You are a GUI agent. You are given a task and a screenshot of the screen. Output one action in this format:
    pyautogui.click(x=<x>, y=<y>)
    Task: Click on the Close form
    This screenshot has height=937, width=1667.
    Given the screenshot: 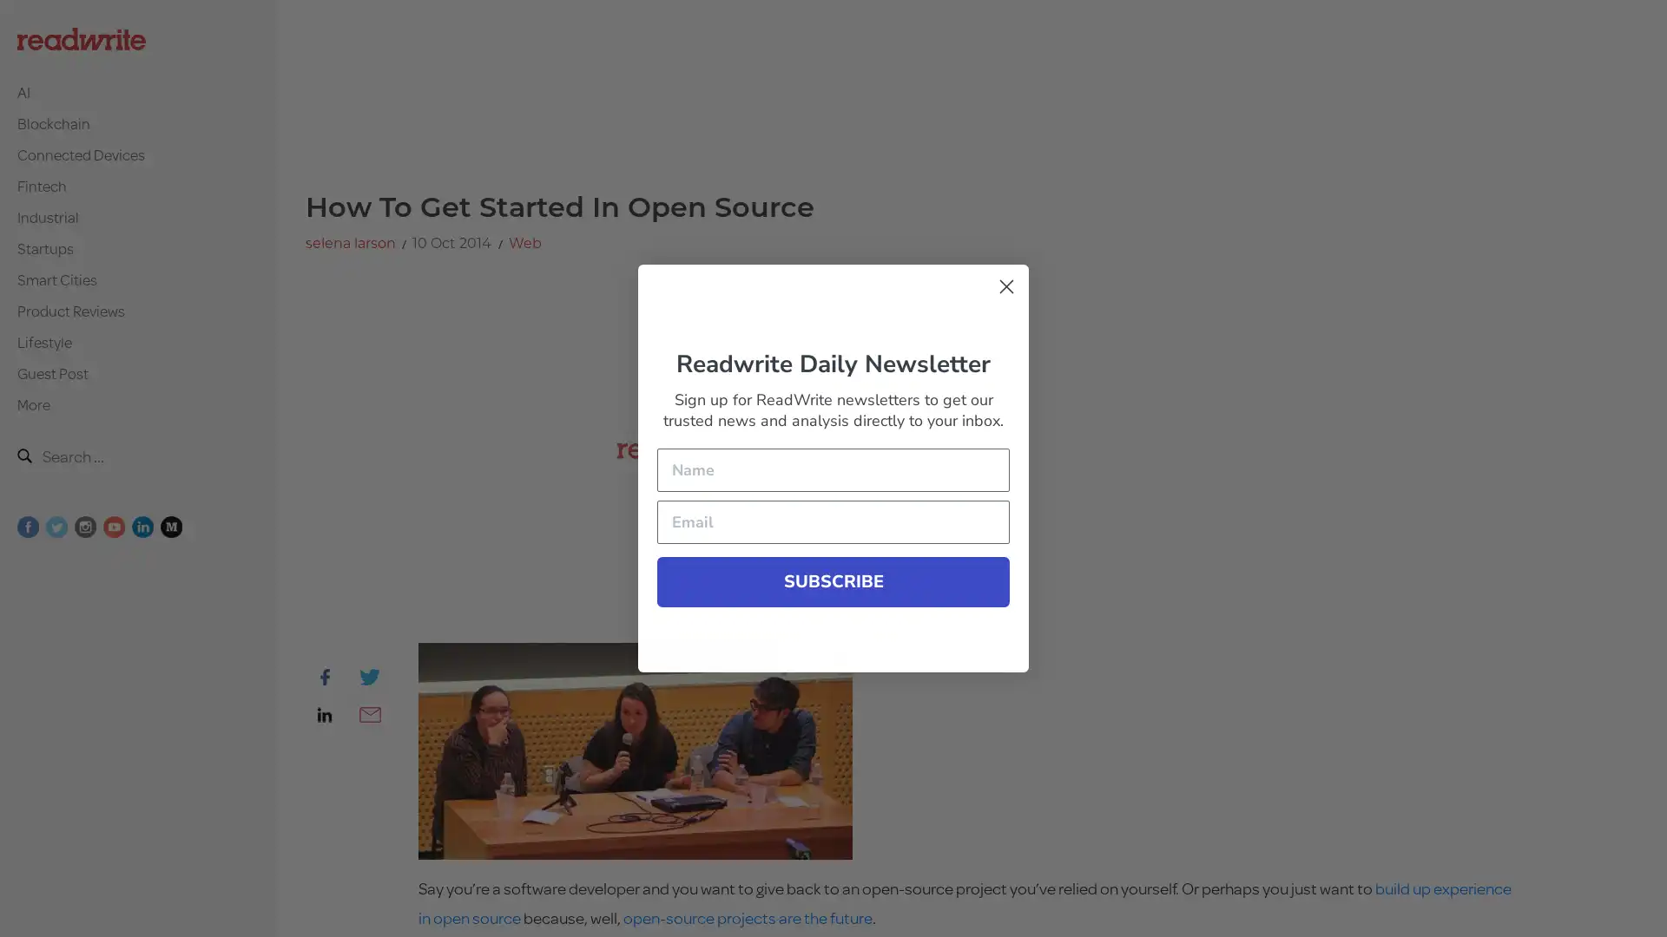 What is the action you would take?
    pyautogui.click(x=1626, y=533)
    